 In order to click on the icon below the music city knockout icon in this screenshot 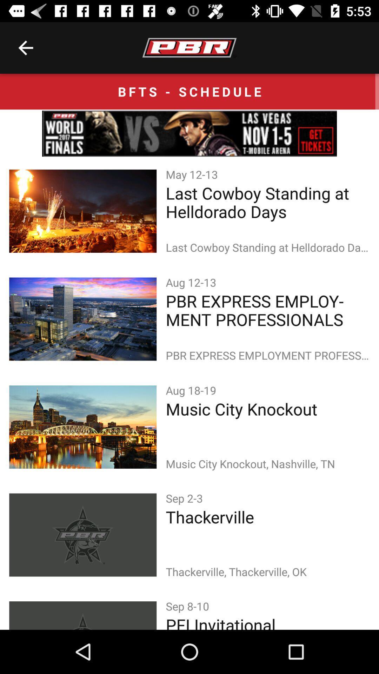, I will do `click(185, 498)`.